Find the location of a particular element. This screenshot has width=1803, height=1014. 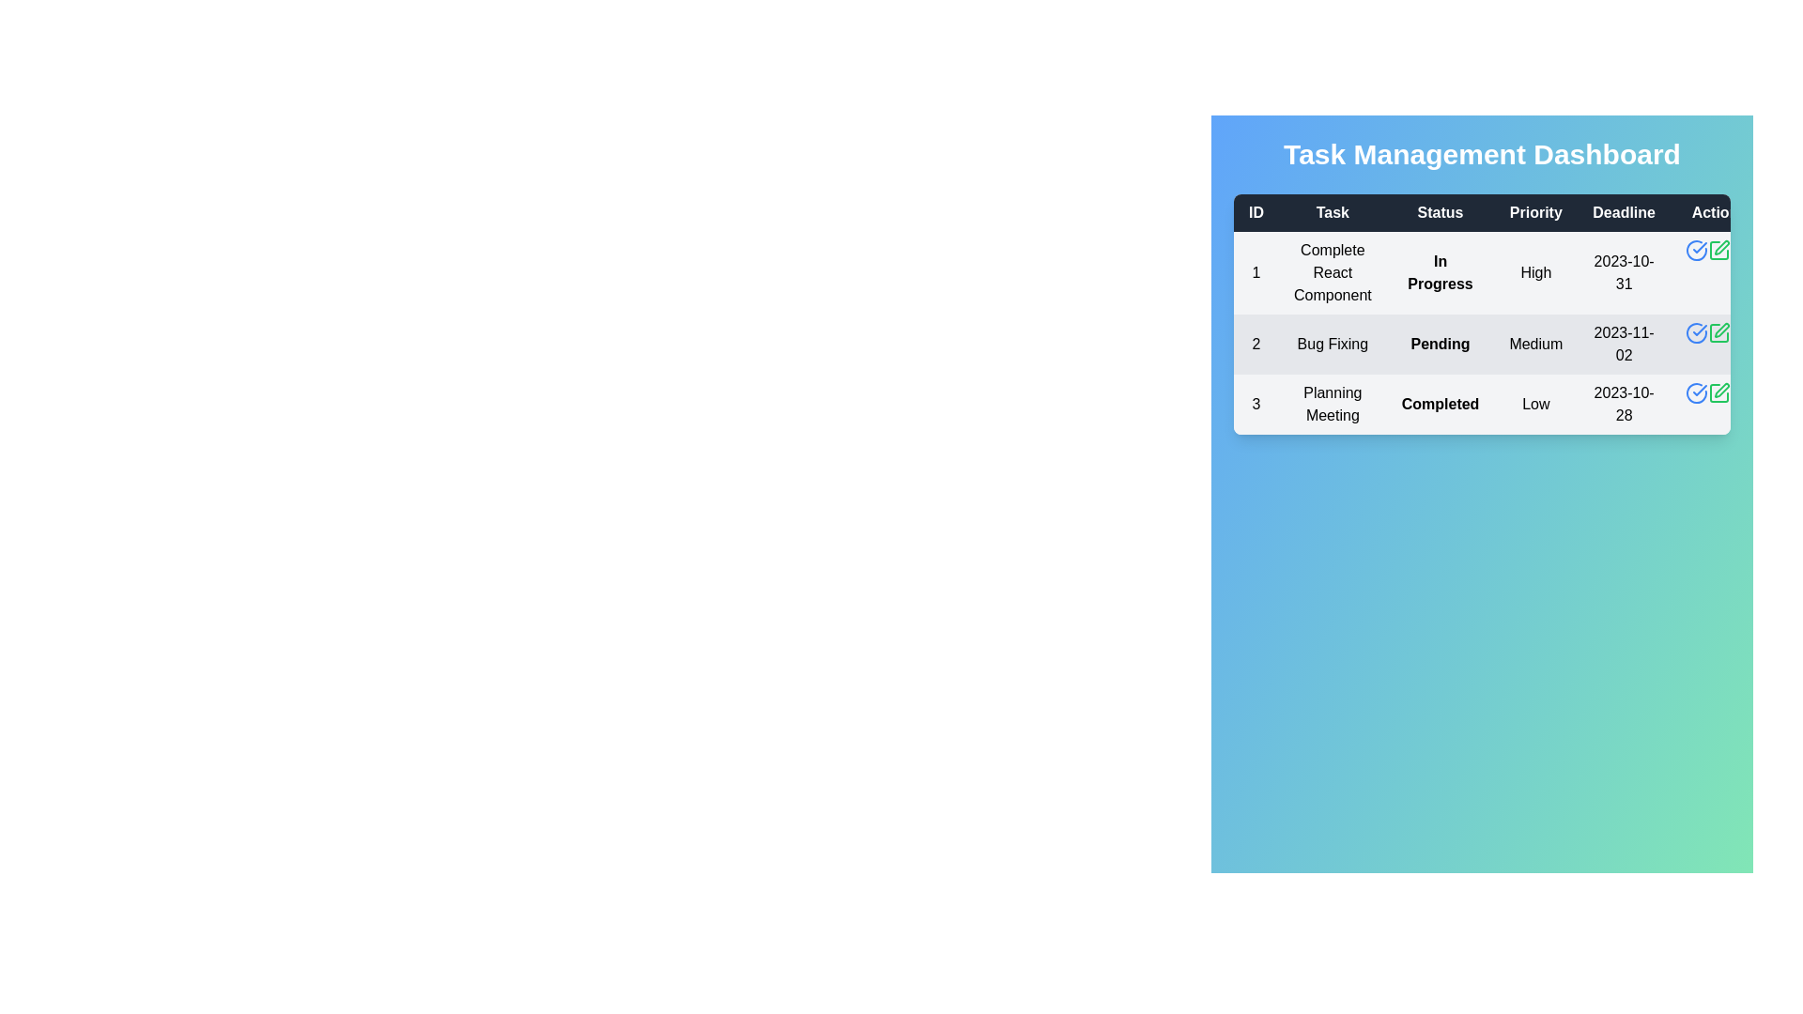

the complete button for task 1 is located at coordinates (1695, 249).